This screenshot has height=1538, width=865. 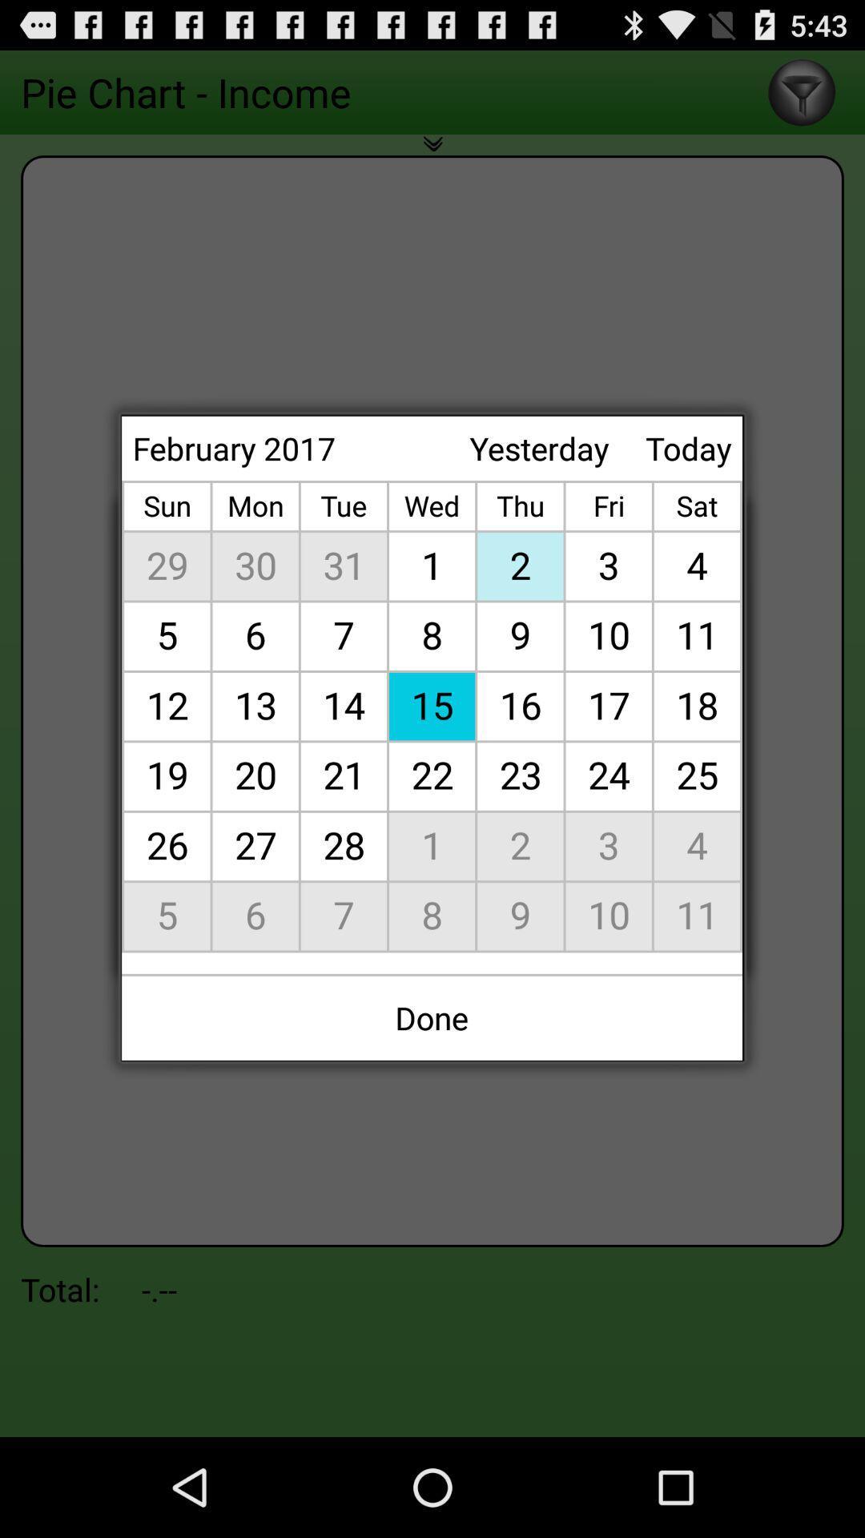 I want to click on item next to today, so click(x=539, y=448).